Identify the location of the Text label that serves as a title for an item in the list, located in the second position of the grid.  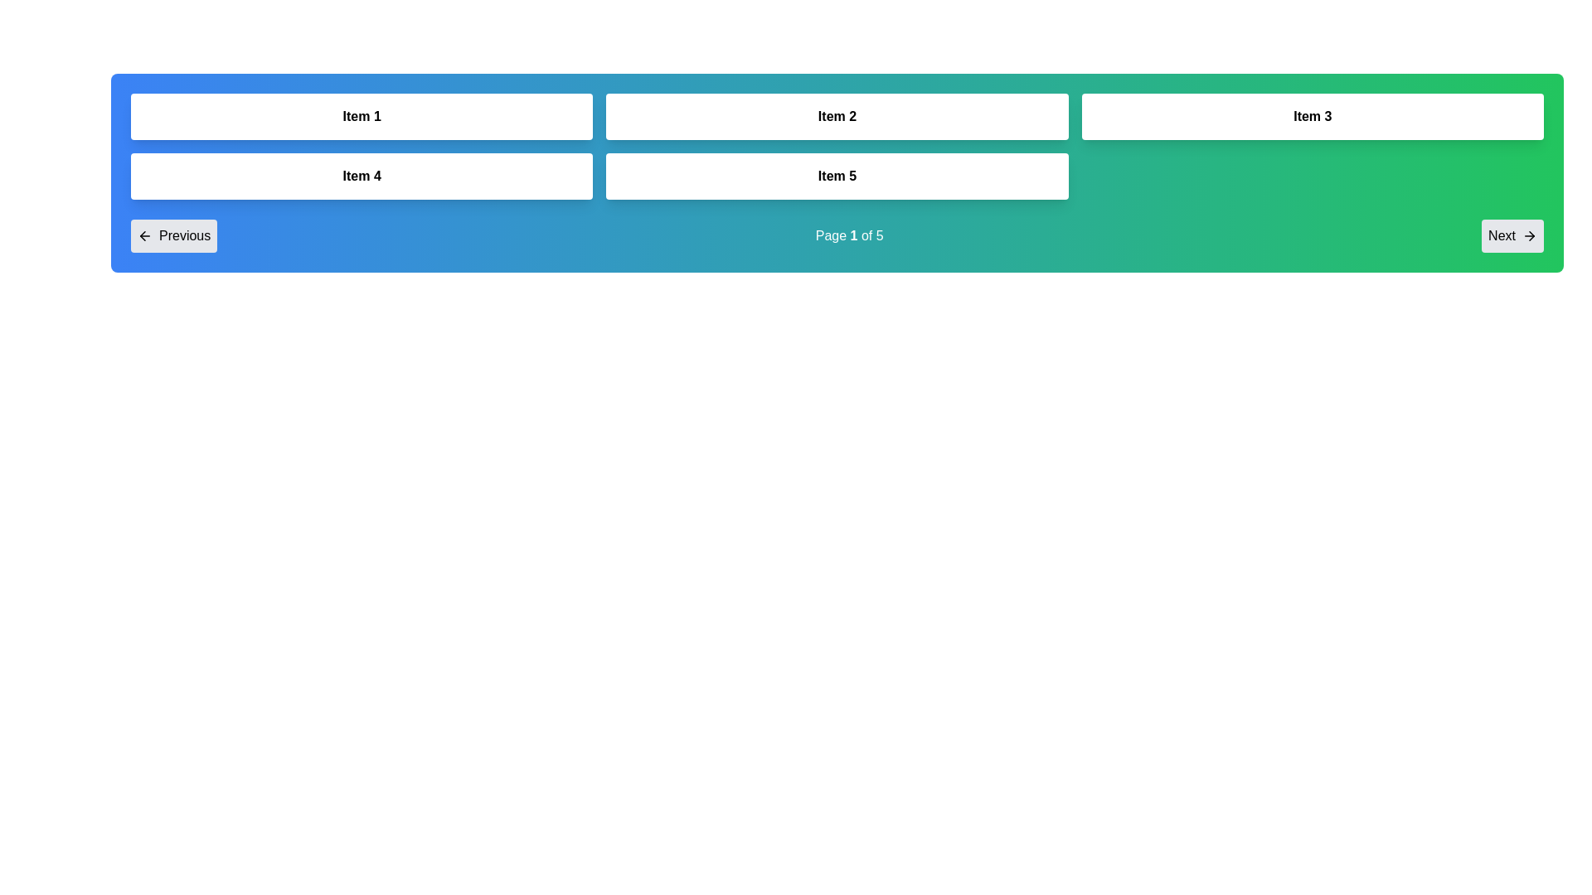
(837, 116).